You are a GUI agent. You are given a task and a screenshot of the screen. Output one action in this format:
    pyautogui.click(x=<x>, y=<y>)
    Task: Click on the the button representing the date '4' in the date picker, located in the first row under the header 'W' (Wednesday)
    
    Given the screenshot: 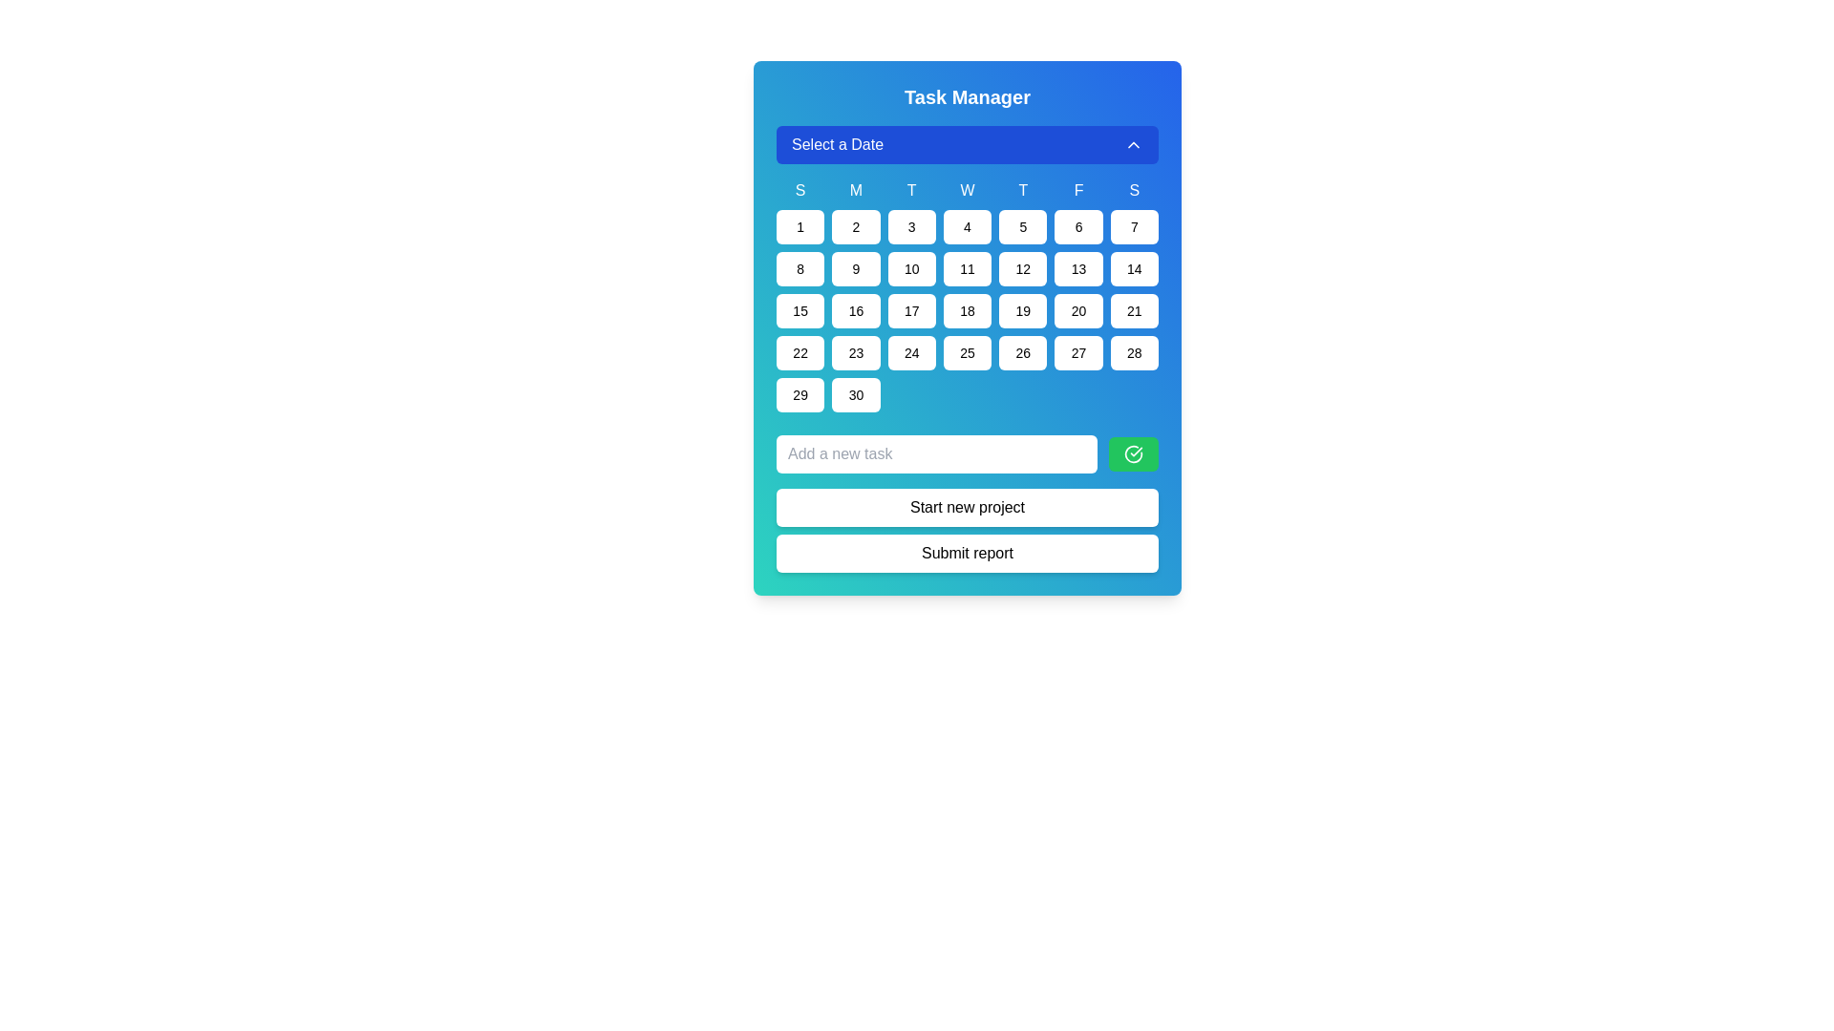 What is the action you would take?
    pyautogui.click(x=967, y=226)
    